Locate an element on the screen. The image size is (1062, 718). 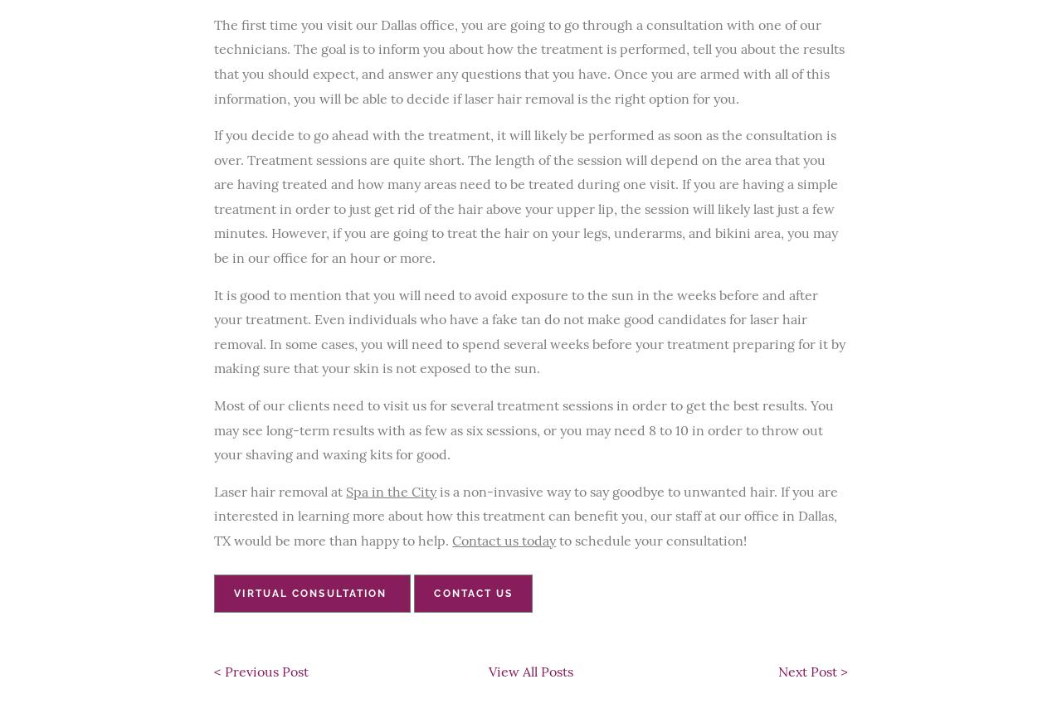
'Laser hair removal at' is located at coordinates (280, 490).